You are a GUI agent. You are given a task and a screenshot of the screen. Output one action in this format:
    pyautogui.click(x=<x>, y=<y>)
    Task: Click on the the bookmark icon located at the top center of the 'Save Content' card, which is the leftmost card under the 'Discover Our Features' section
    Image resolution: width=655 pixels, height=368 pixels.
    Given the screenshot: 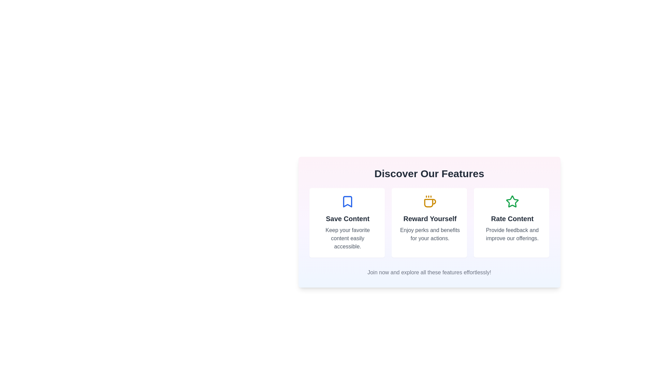 What is the action you would take?
    pyautogui.click(x=348, y=201)
    